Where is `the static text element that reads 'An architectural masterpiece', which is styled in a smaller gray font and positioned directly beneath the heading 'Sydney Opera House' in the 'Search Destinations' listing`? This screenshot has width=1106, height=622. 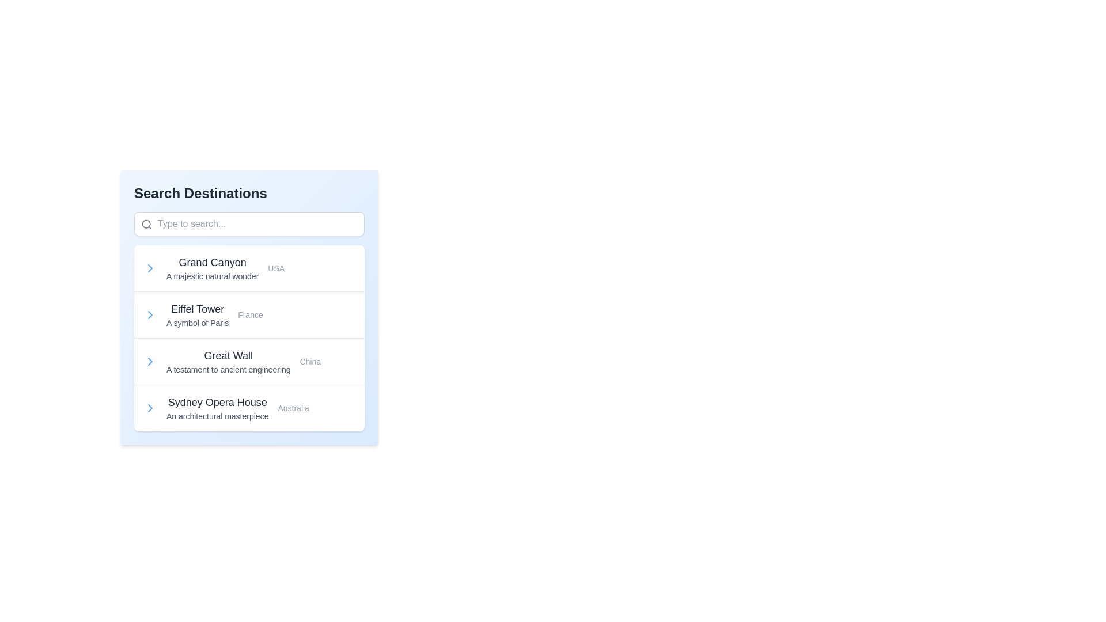 the static text element that reads 'An architectural masterpiece', which is styled in a smaller gray font and positioned directly beneath the heading 'Sydney Opera House' in the 'Search Destinations' listing is located at coordinates (217, 416).